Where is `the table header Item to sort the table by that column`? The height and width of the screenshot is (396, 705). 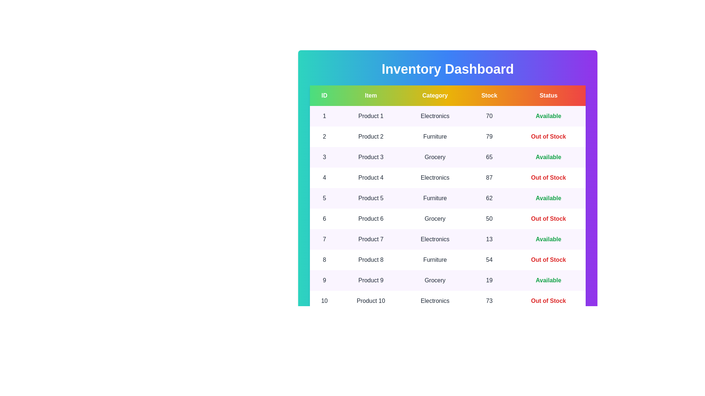 the table header Item to sort the table by that column is located at coordinates (371, 95).